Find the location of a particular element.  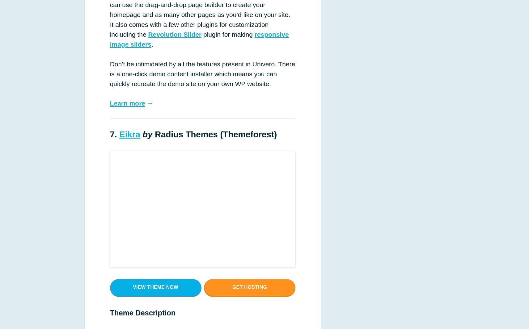

'Revolution Slider' is located at coordinates (174, 34).